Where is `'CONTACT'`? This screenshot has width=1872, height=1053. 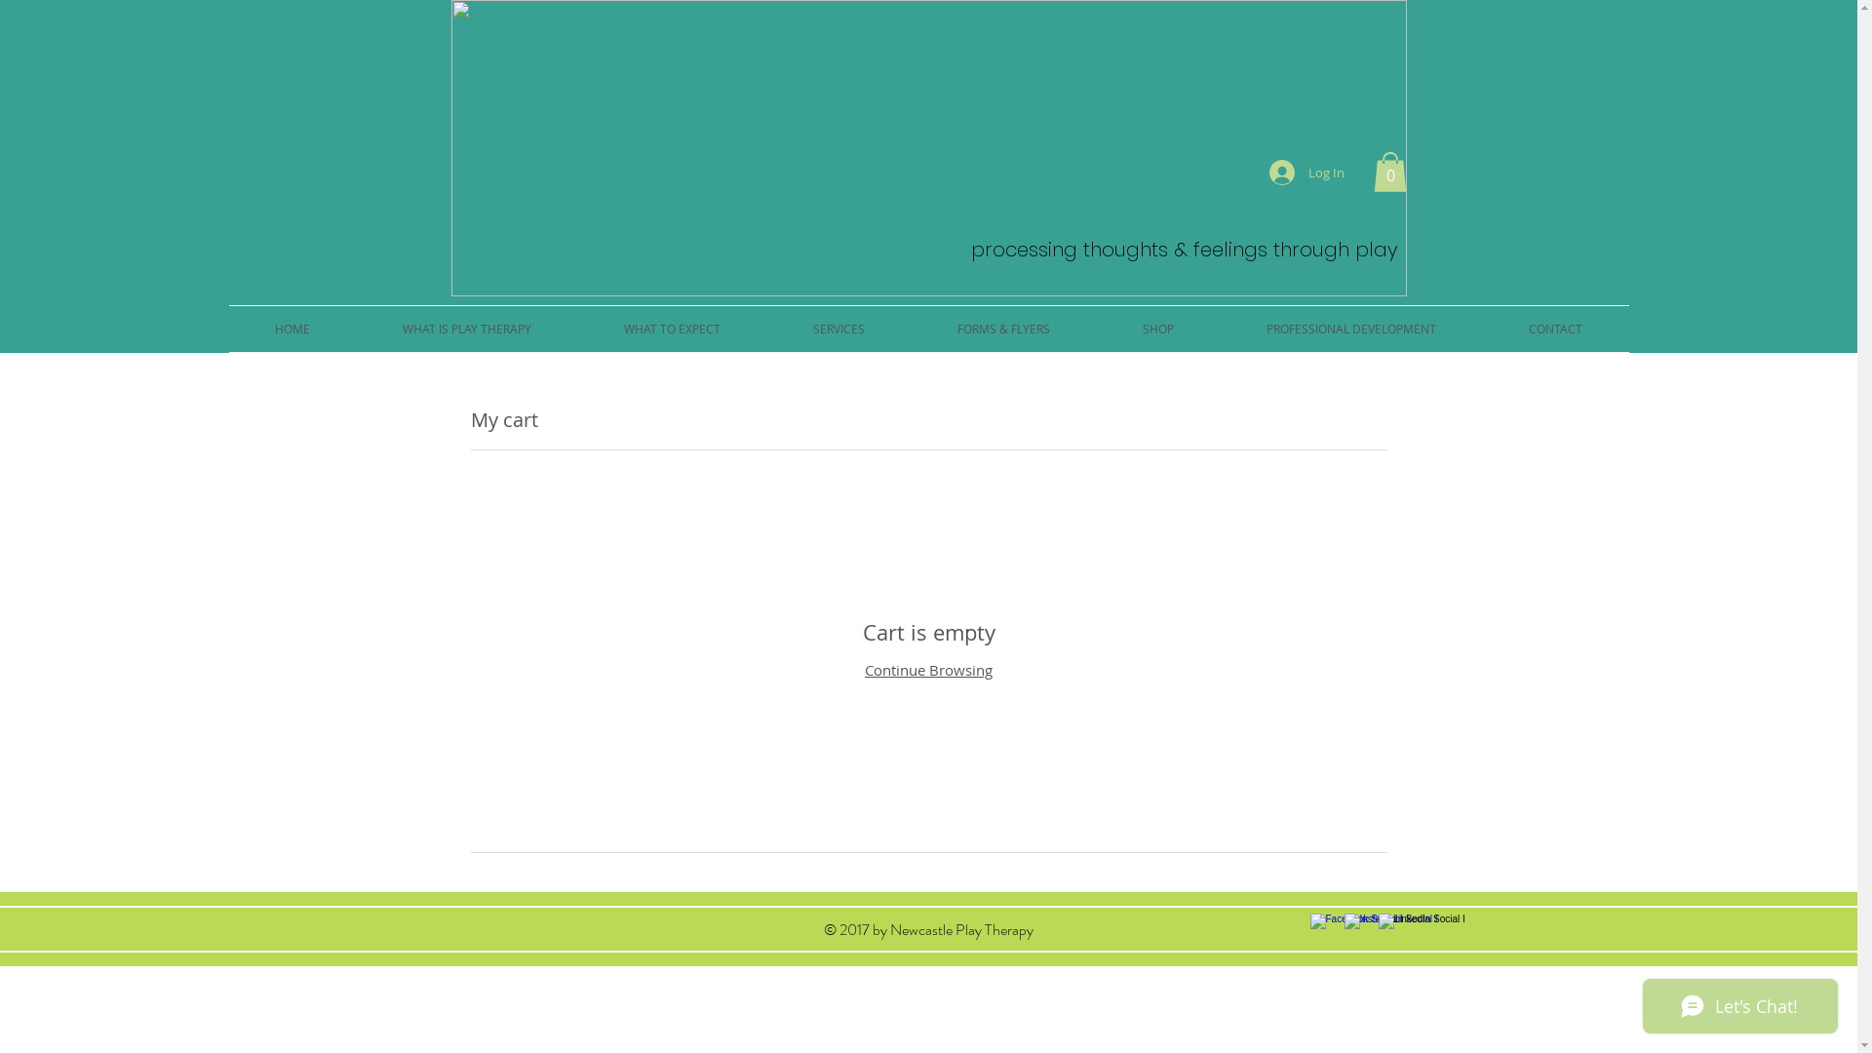
'CONTACT' is located at coordinates (1553, 328).